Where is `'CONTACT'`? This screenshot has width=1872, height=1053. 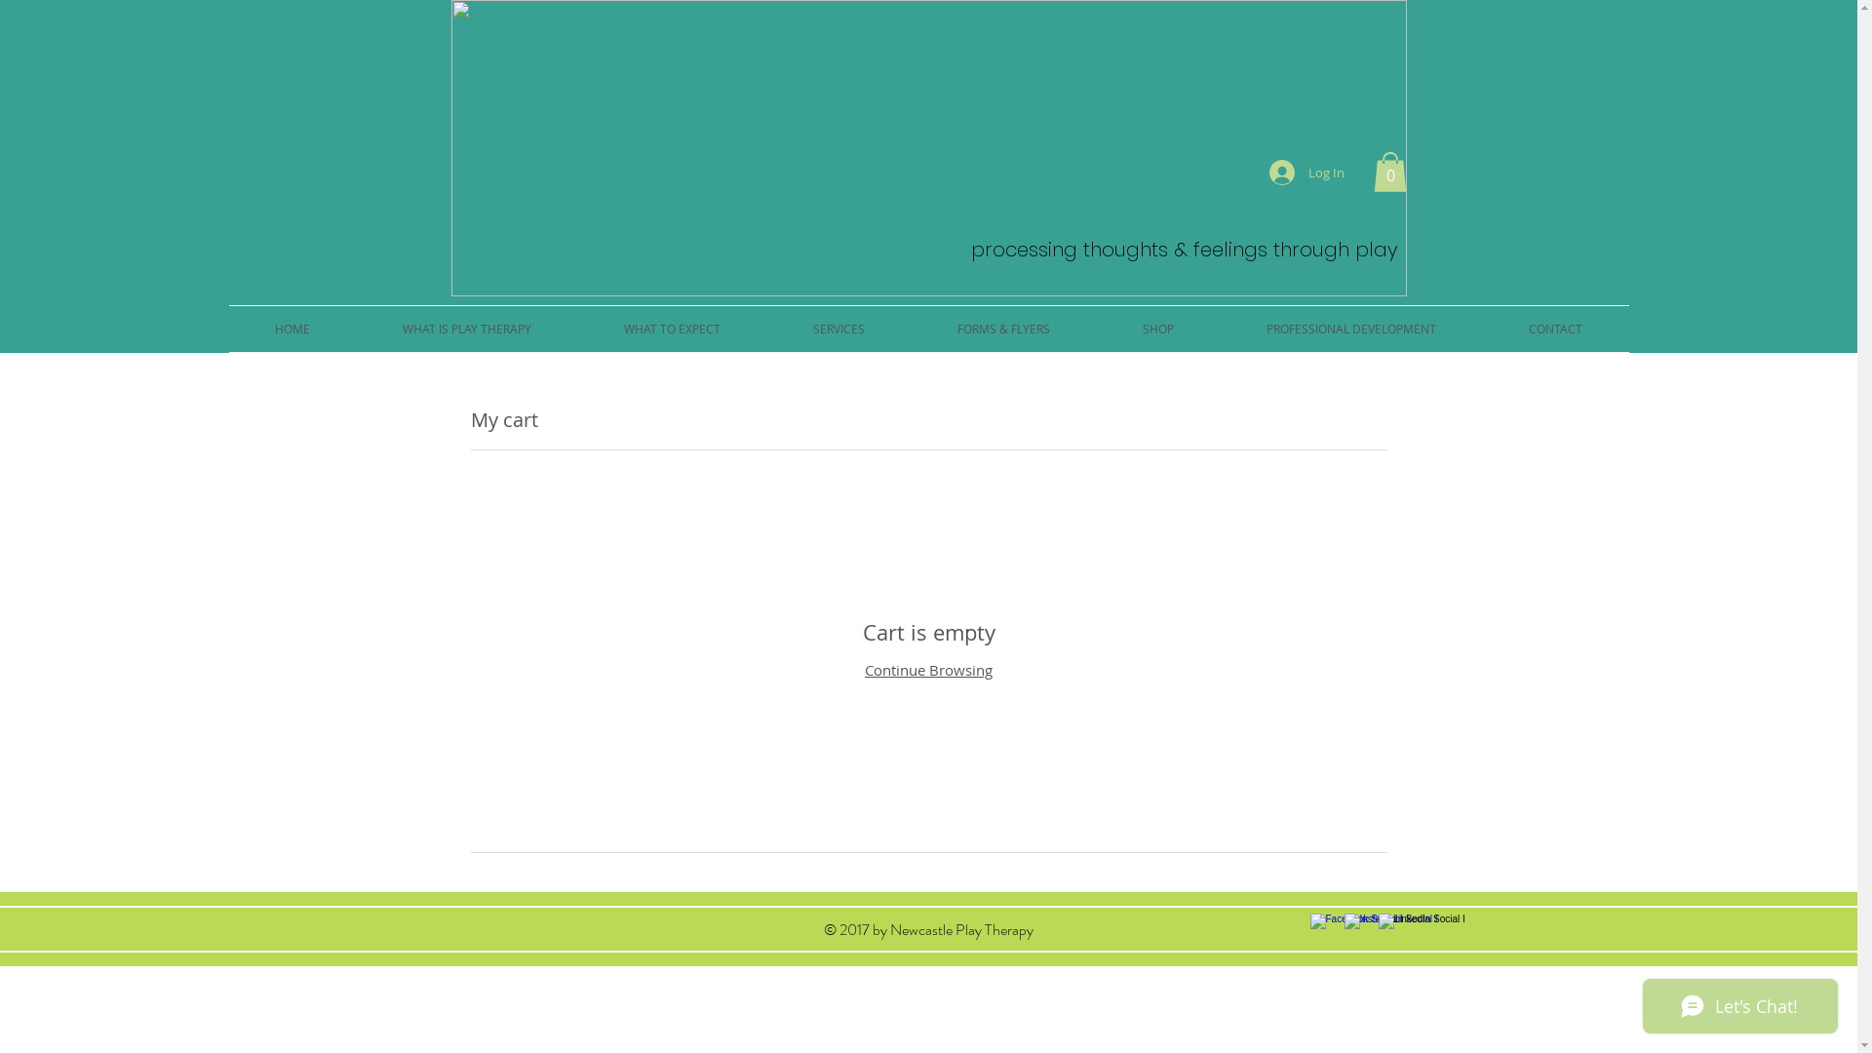
'CONTACT' is located at coordinates (1553, 328).